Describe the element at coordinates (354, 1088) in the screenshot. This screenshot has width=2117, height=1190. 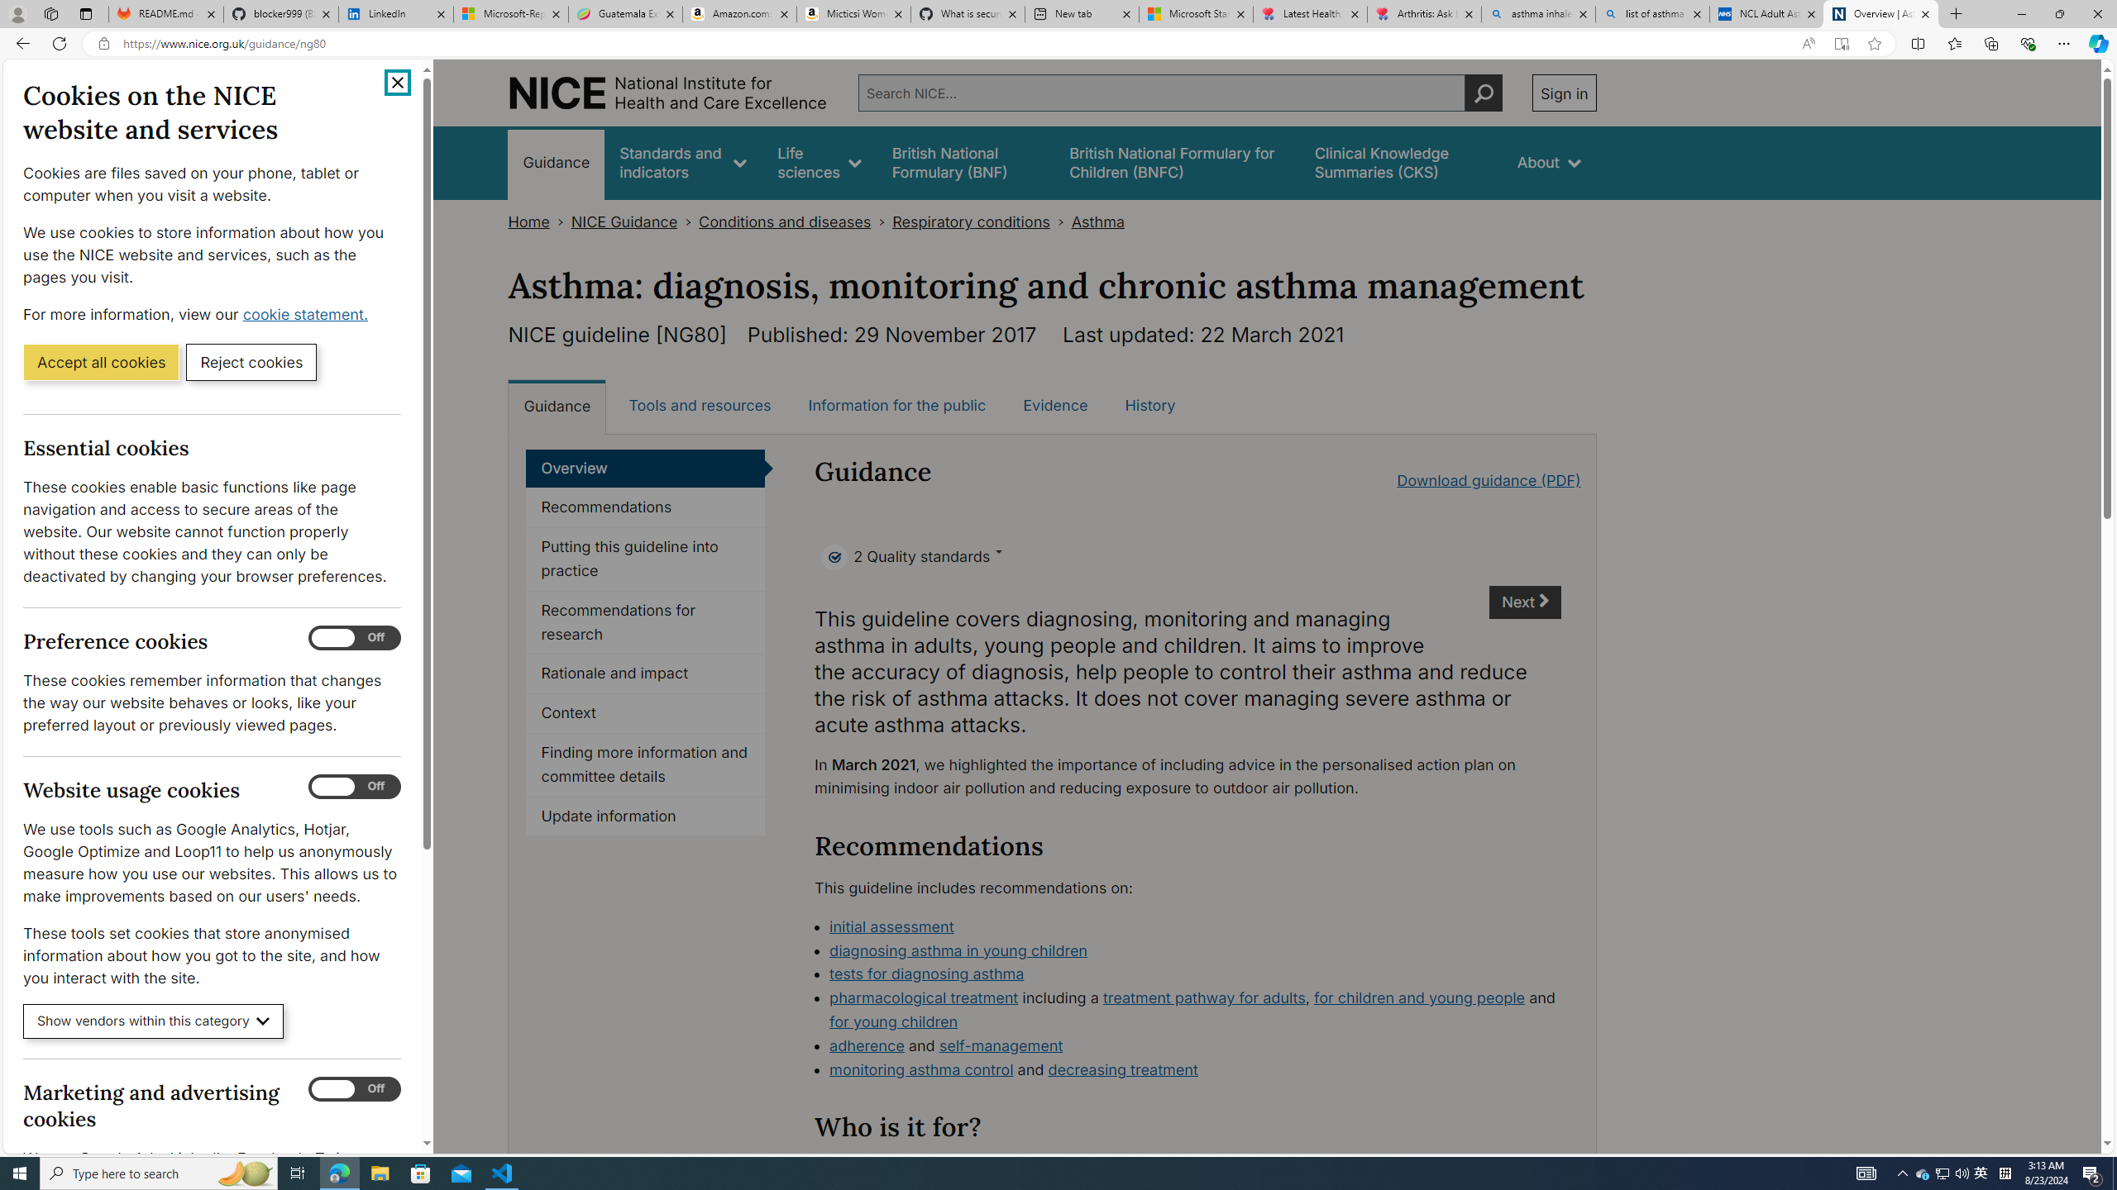
I see `'Marketing and advertising cookies'` at that location.